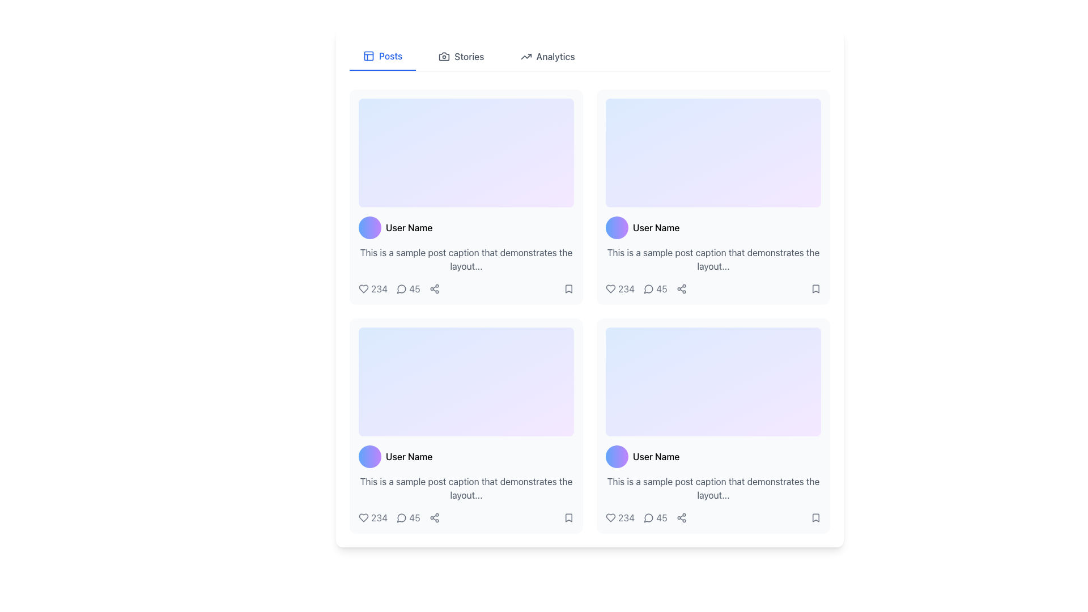  What do you see at coordinates (433, 518) in the screenshot?
I see `the small share icon, which is the third icon in the row of interaction options below a post` at bounding box center [433, 518].